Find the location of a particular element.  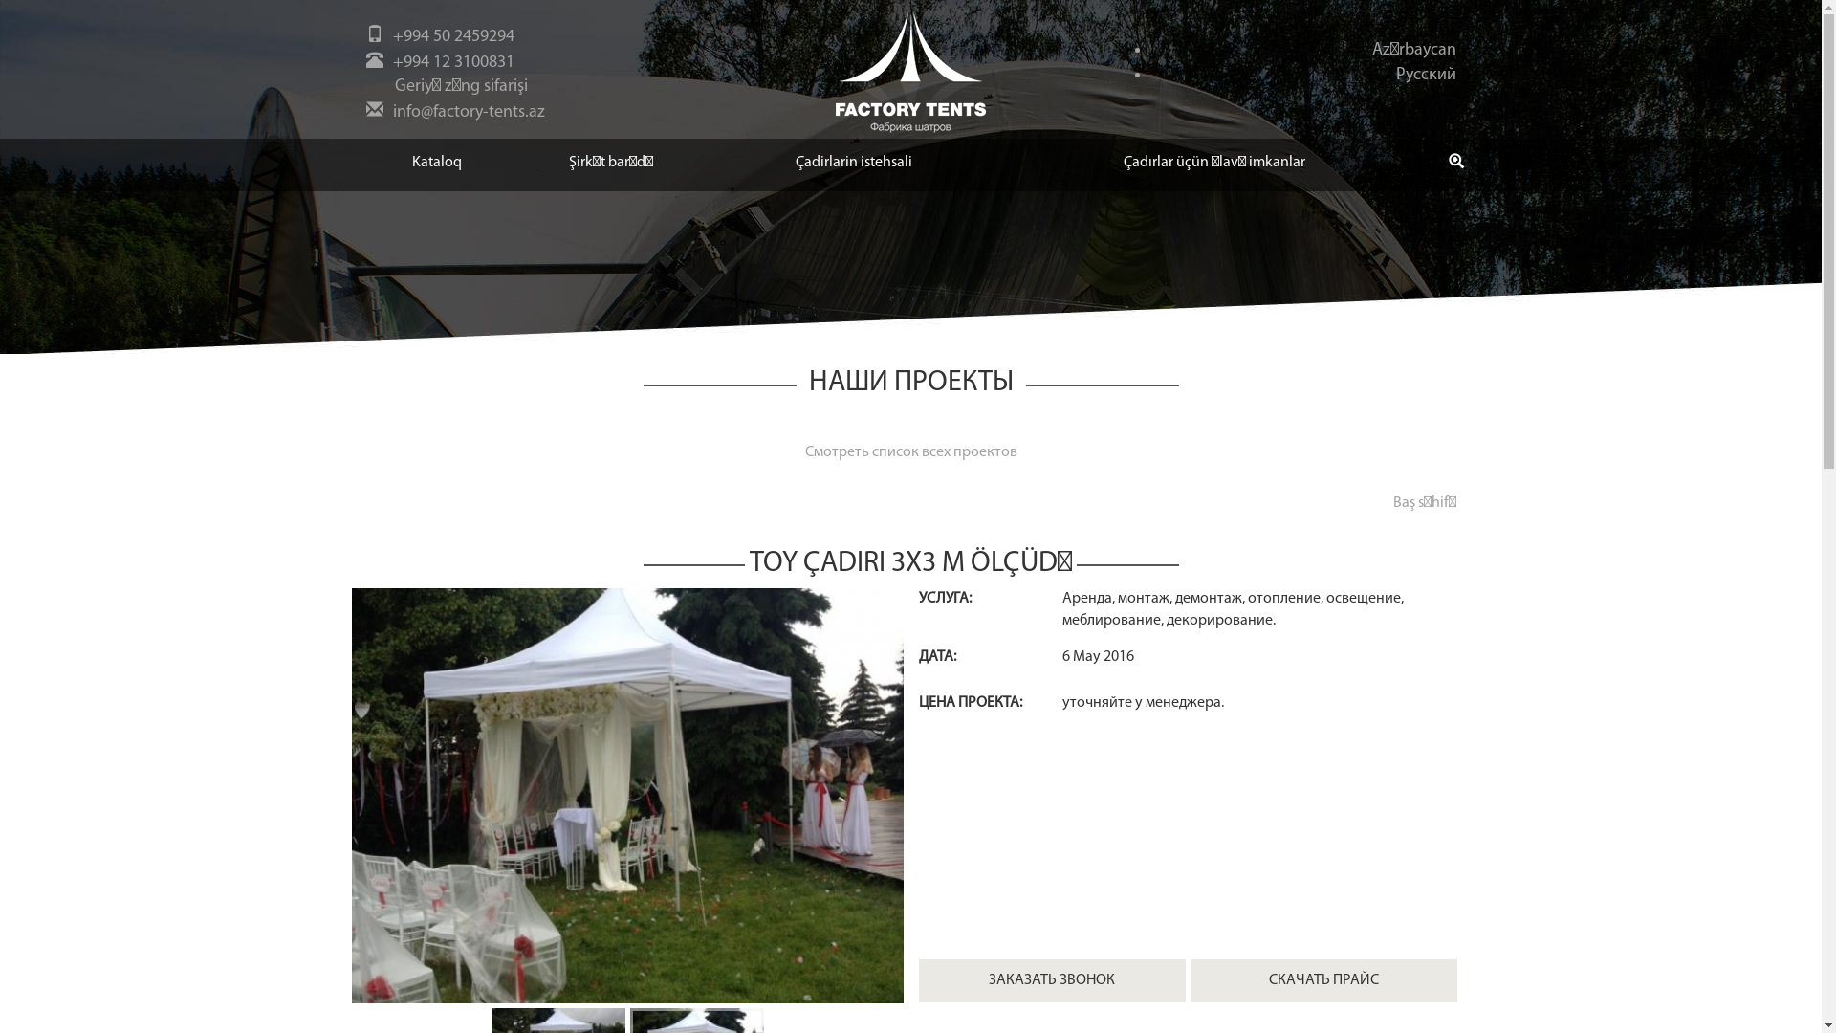

'+994 12 3100831' is located at coordinates (451, 61).